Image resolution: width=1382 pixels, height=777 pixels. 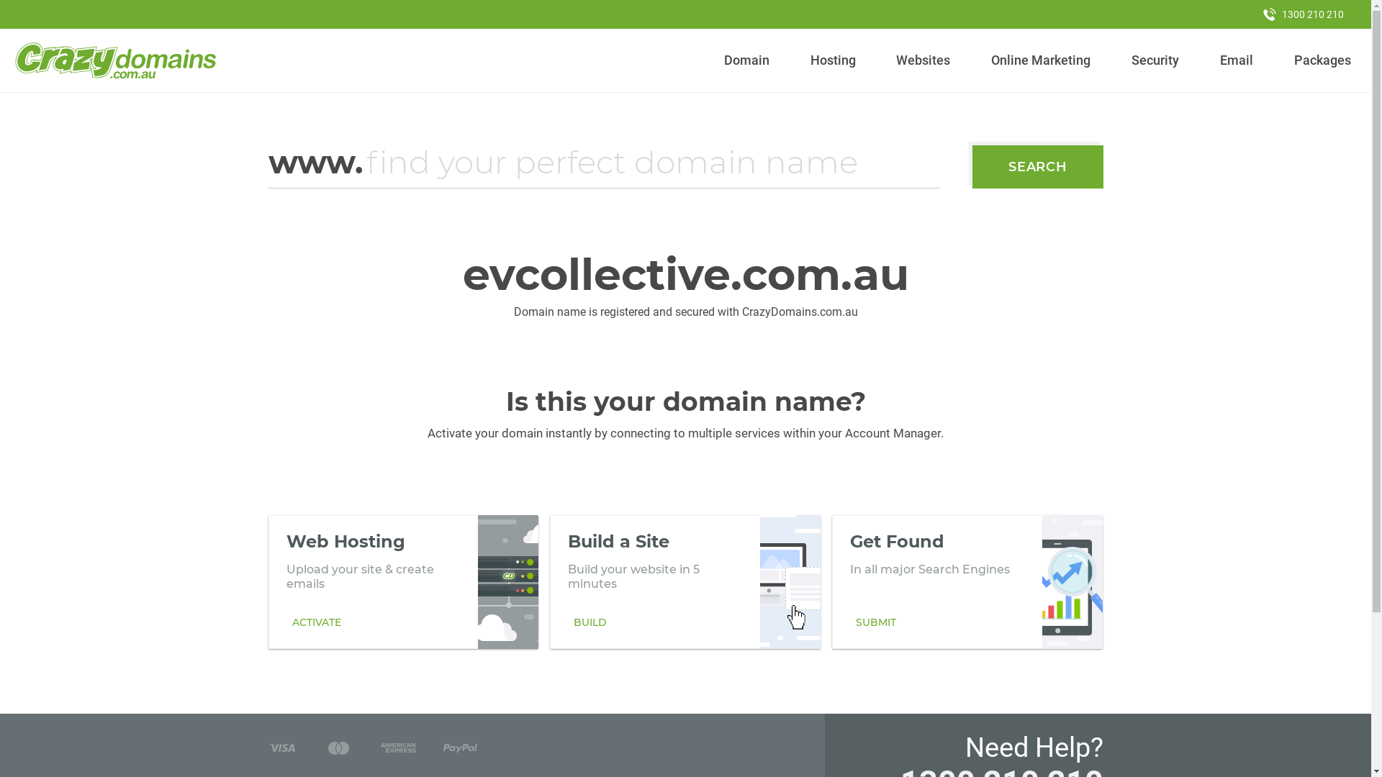 I want to click on 'Web Hosting, so click(x=403, y=581).